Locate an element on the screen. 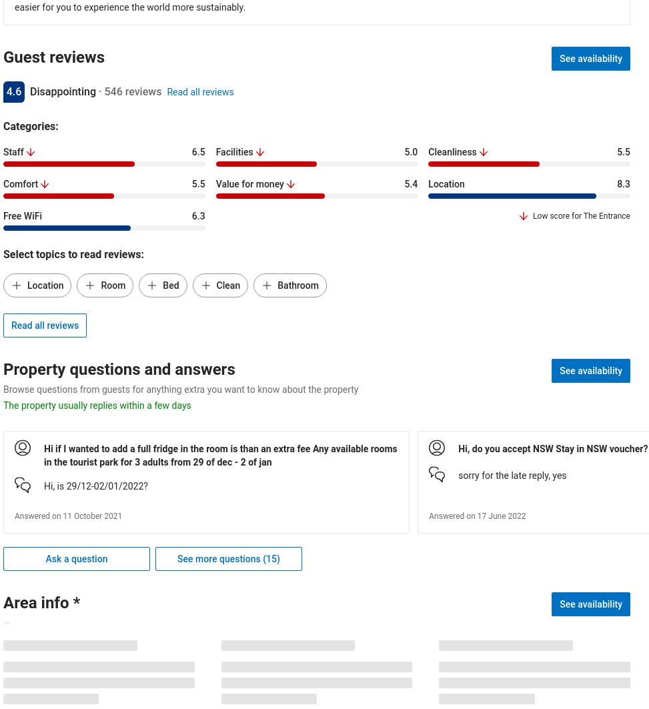 The height and width of the screenshot is (709, 649). 'Hi, is 29/12-02/01/2022?' is located at coordinates (95, 486).